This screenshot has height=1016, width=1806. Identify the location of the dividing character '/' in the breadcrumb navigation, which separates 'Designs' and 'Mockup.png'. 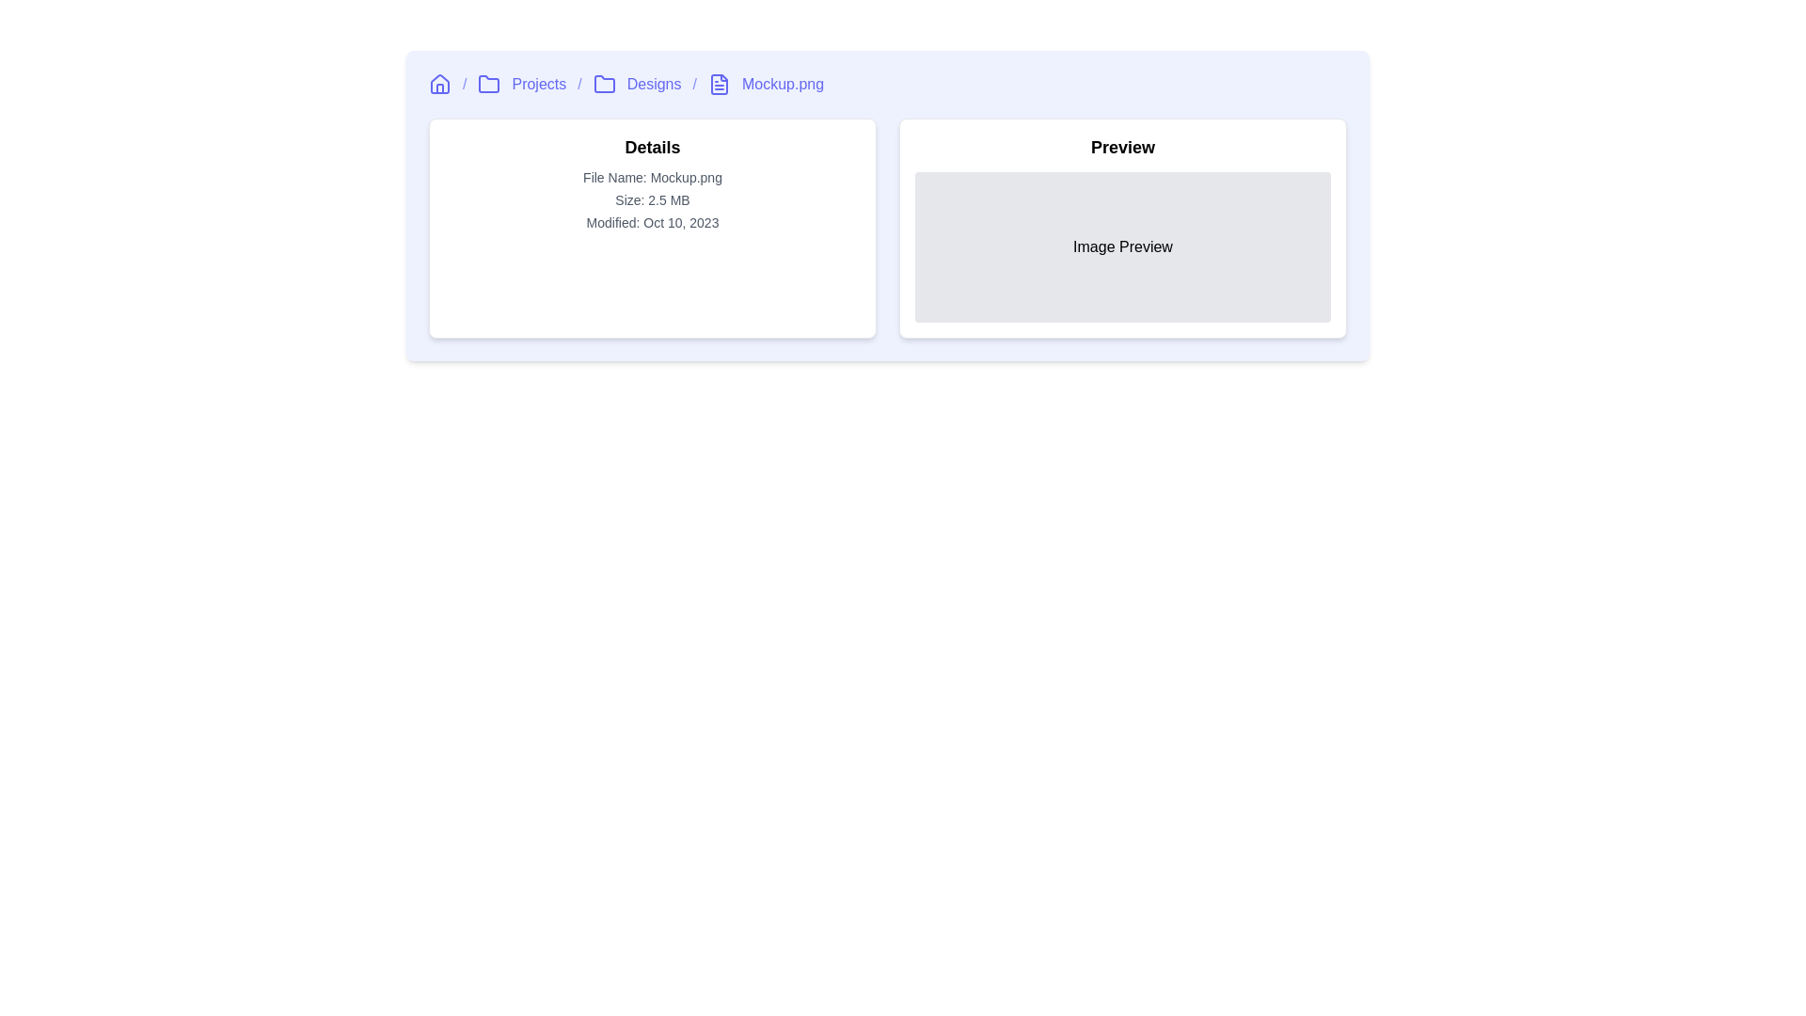
(693, 83).